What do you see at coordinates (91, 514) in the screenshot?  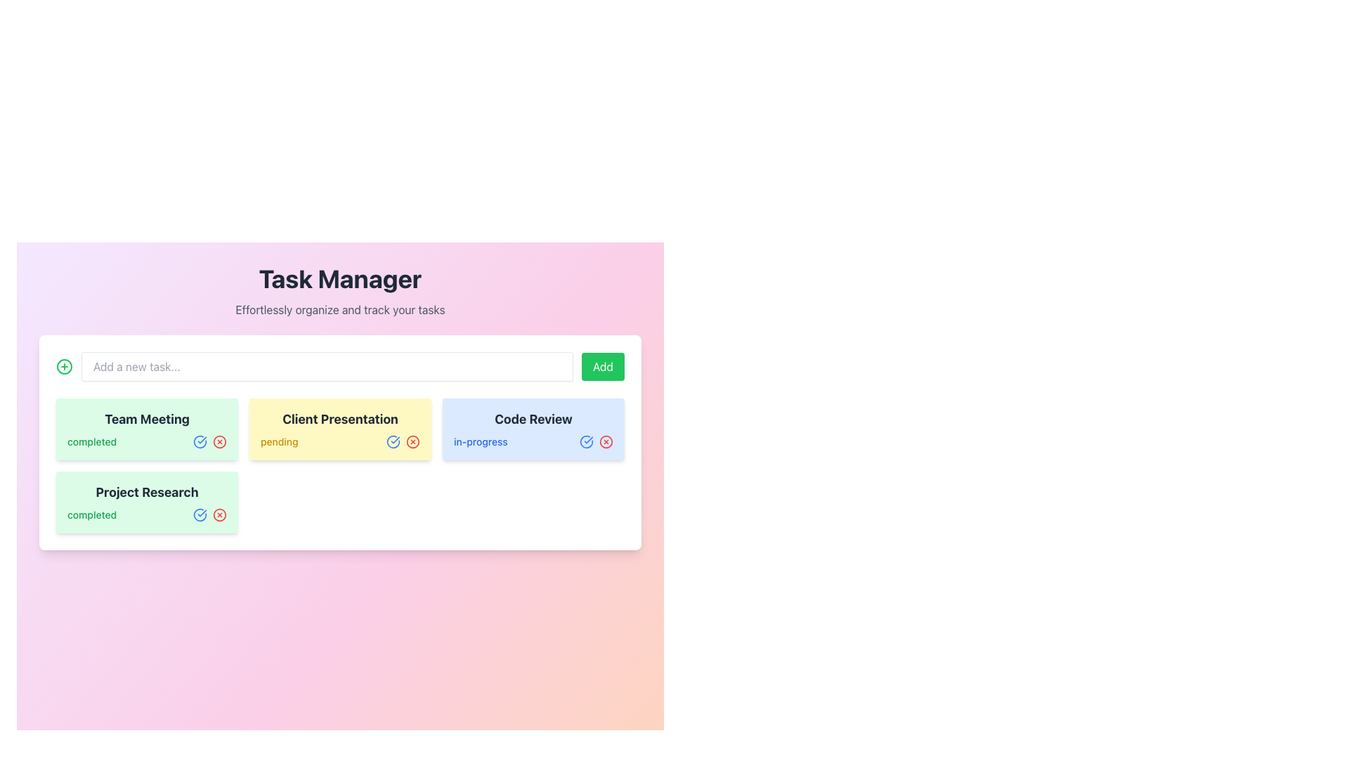 I see `the Text Label that indicates the completion status of the associated task within the 'Project Research' task card, located directly below the 'Team Meeting' card` at bounding box center [91, 514].